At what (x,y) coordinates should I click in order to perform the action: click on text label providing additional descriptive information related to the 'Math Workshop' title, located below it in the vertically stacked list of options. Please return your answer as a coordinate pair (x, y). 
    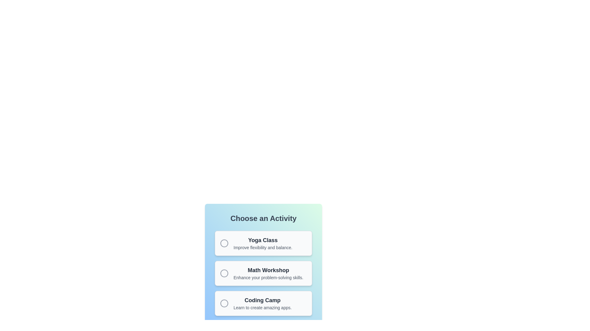
    Looking at the image, I should click on (268, 278).